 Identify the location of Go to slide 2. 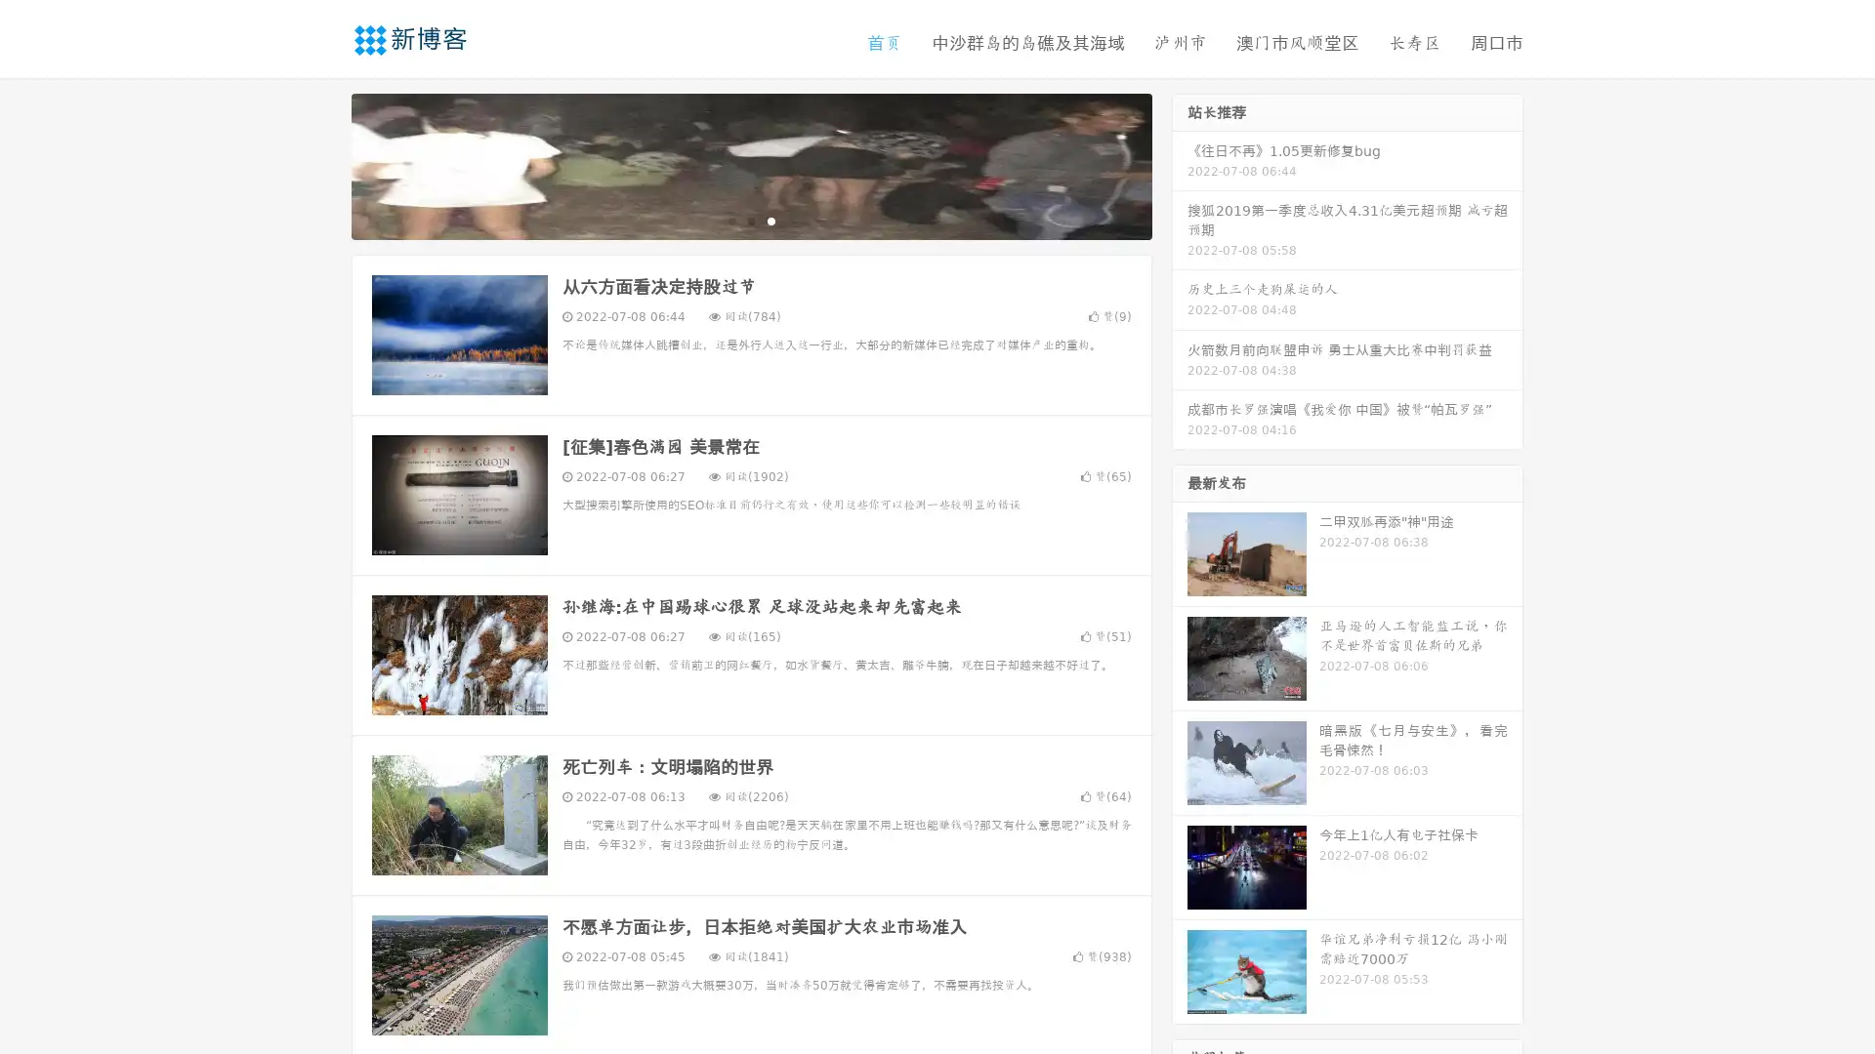
(750, 220).